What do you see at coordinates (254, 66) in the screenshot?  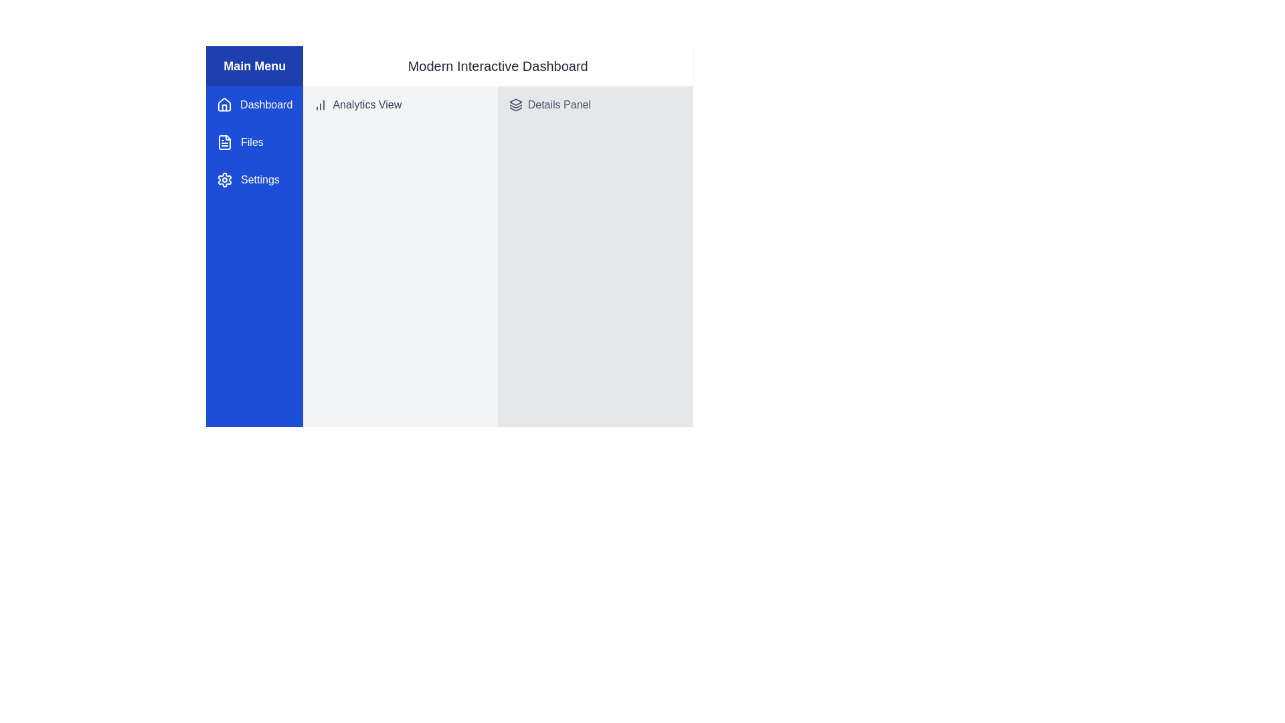 I see `the blue rectangular header labeled 'Main Menu', which is prominently displayed at the top of the sidebar menu` at bounding box center [254, 66].